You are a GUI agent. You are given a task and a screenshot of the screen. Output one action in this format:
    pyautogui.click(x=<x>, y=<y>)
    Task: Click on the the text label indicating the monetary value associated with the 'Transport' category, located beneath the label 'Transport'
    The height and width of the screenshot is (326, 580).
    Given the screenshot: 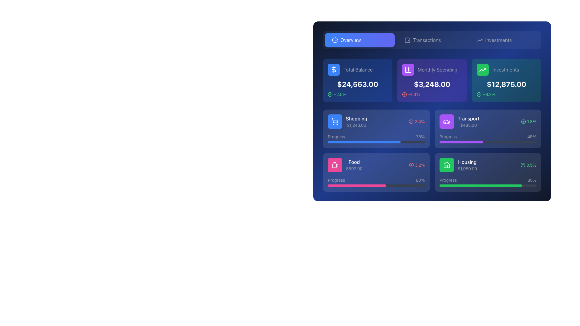 What is the action you would take?
    pyautogui.click(x=468, y=125)
    